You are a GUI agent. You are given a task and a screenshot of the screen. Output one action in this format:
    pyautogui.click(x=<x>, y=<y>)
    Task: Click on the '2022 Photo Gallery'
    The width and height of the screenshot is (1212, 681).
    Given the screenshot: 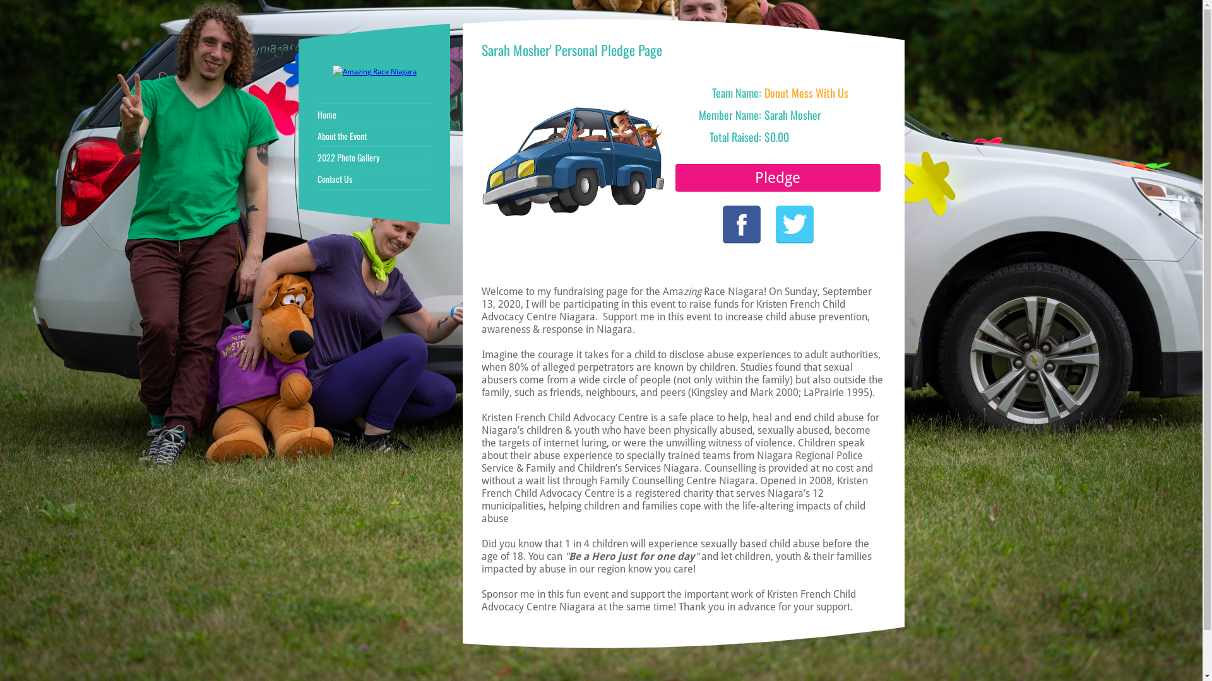 What is the action you would take?
    pyautogui.click(x=374, y=157)
    